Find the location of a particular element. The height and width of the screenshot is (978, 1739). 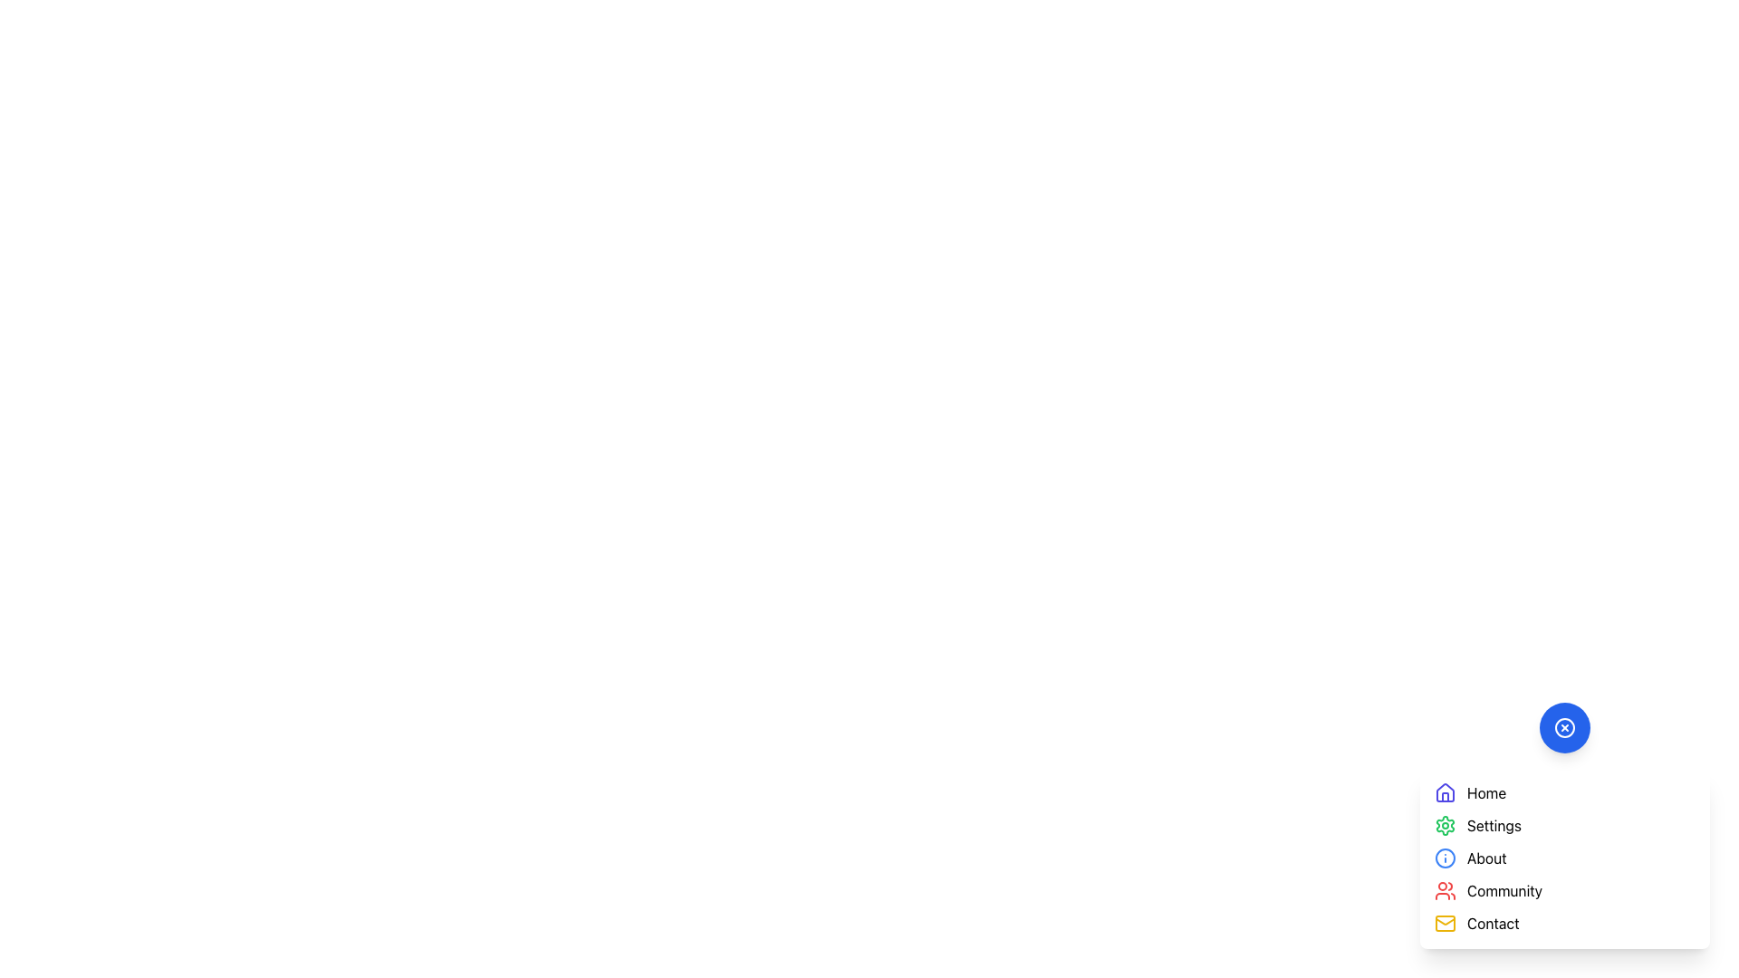

the third row menu item for the 'About' section is located at coordinates (1564, 858).